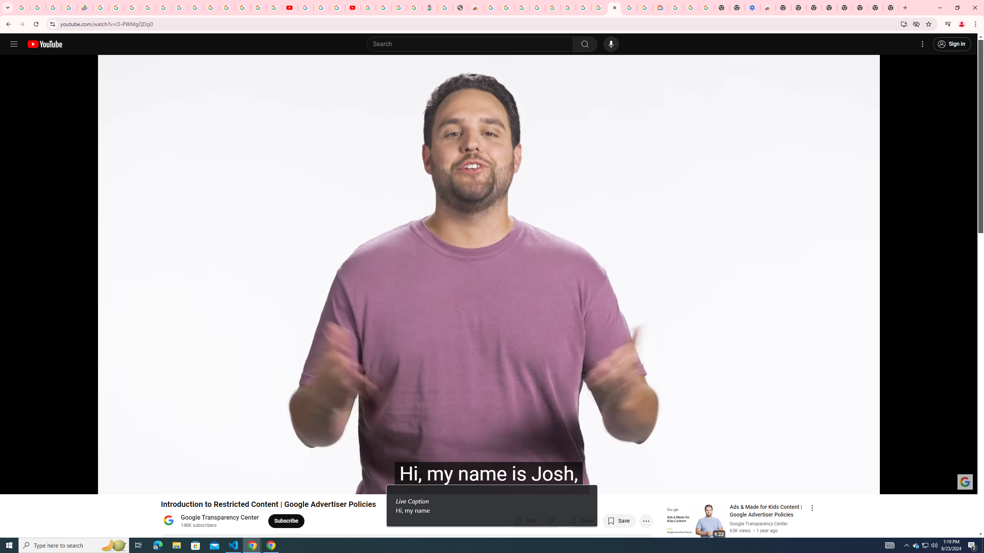  Describe the element at coordinates (965, 481) in the screenshot. I see `'Channel watermark'` at that location.